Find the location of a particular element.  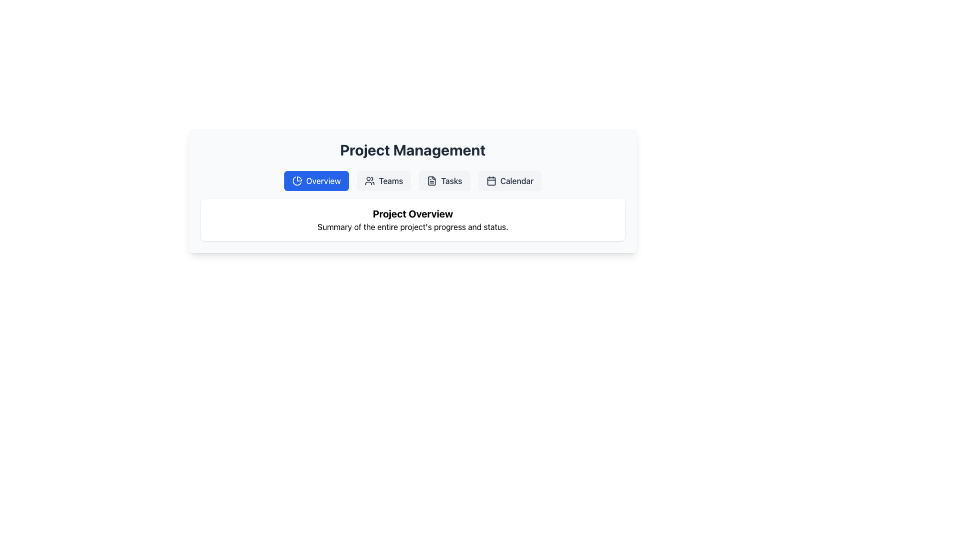

the 'Teams' button, which is the second button in the navigation menu with a gray background and black text is located at coordinates (383, 181).